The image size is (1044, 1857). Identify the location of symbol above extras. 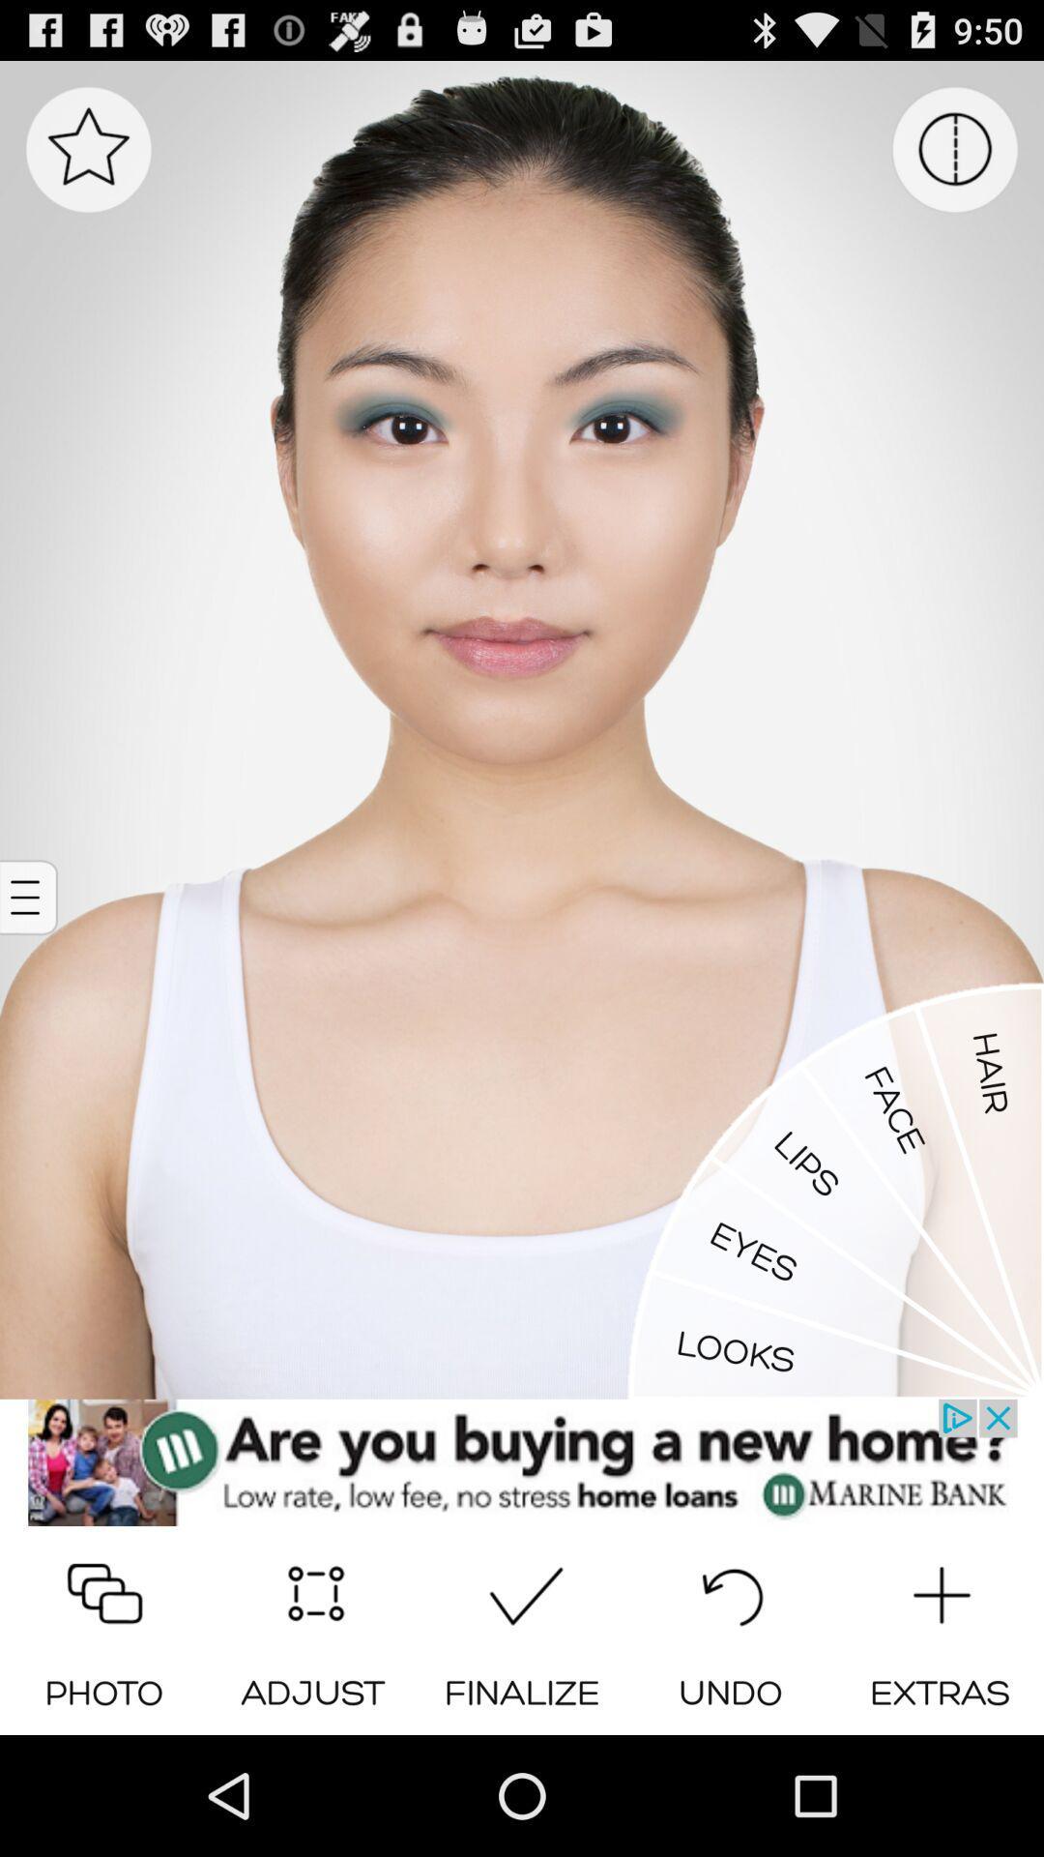
(939, 1588).